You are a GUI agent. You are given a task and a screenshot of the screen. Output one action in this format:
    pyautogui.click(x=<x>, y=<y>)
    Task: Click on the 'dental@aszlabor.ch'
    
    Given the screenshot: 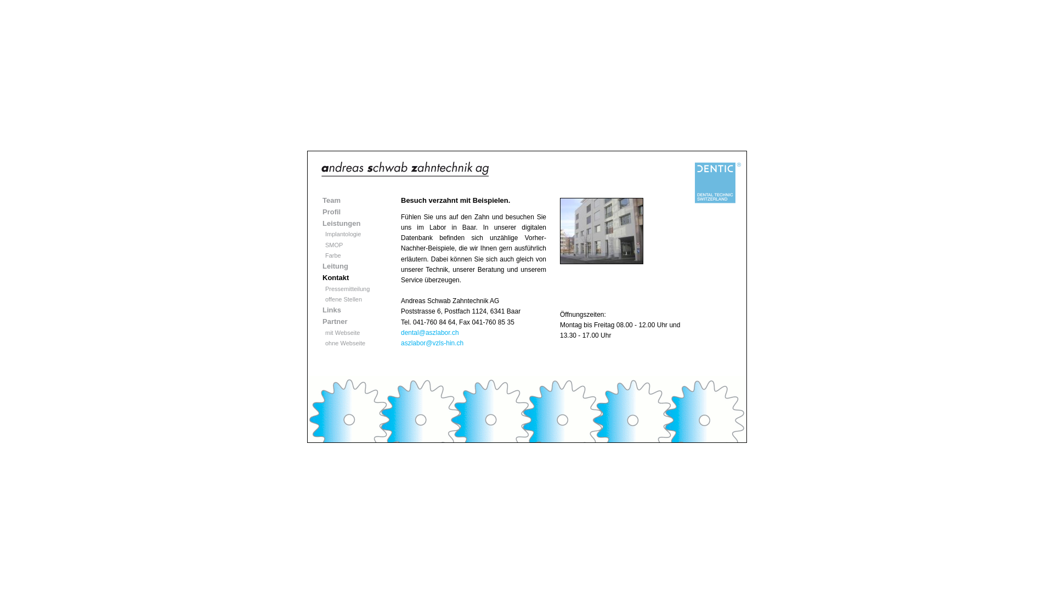 What is the action you would take?
    pyautogui.click(x=429, y=332)
    